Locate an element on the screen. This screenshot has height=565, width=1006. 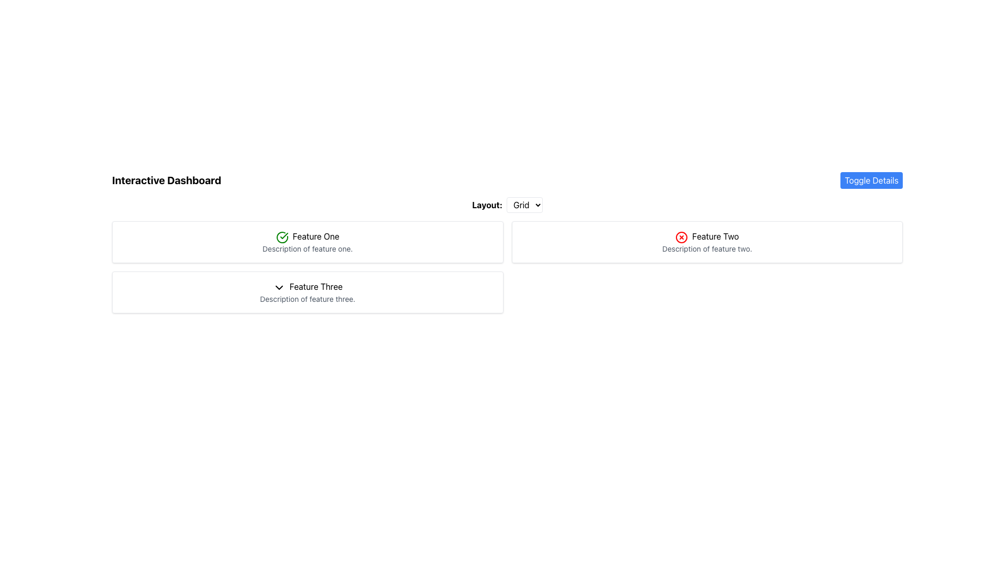
the visual indicator icon for 'Feature One' which shows the completion or verification status, located on the left side of the title and description text is located at coordinates (282, 237).